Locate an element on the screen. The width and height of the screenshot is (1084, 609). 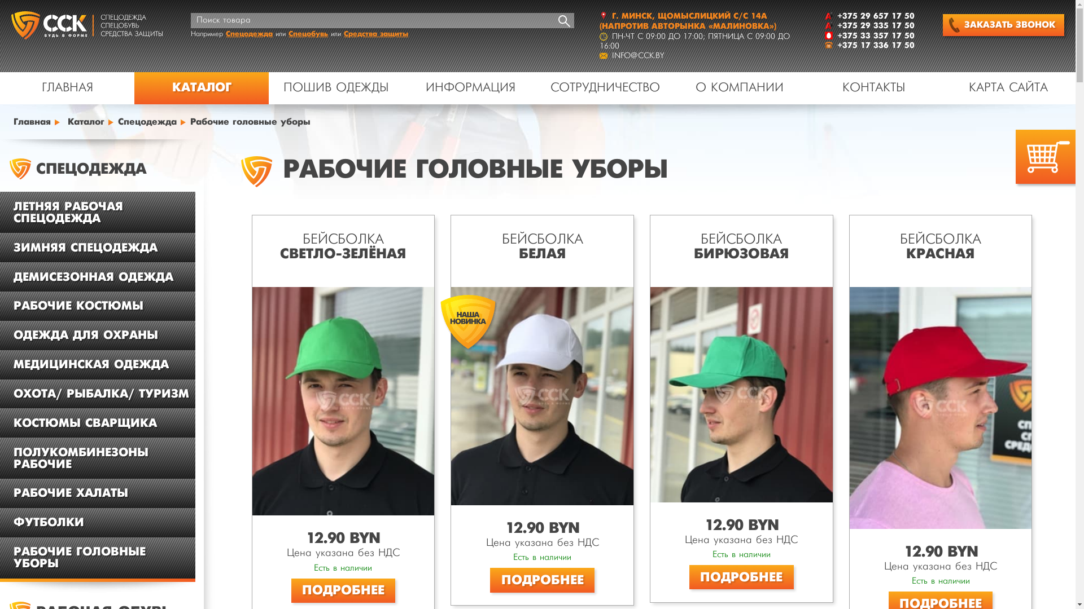
'+375 29 657 17 50' is located at coordinates (875, 16).